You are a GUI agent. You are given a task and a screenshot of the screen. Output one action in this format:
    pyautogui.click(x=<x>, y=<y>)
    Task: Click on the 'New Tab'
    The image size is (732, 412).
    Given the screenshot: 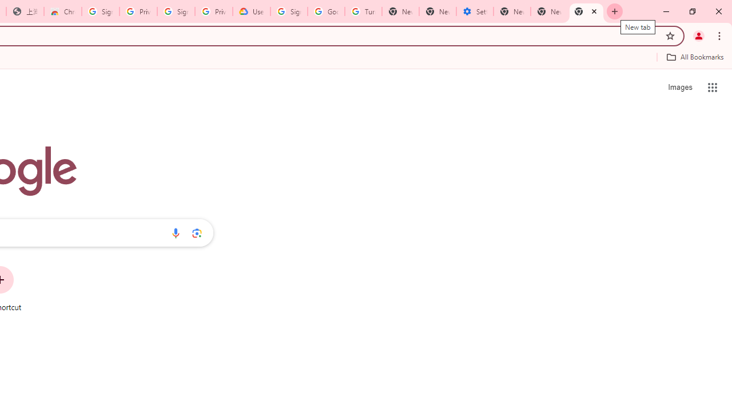 What is the action you would take?
    pyautogui.click(x=586, y=11)
    